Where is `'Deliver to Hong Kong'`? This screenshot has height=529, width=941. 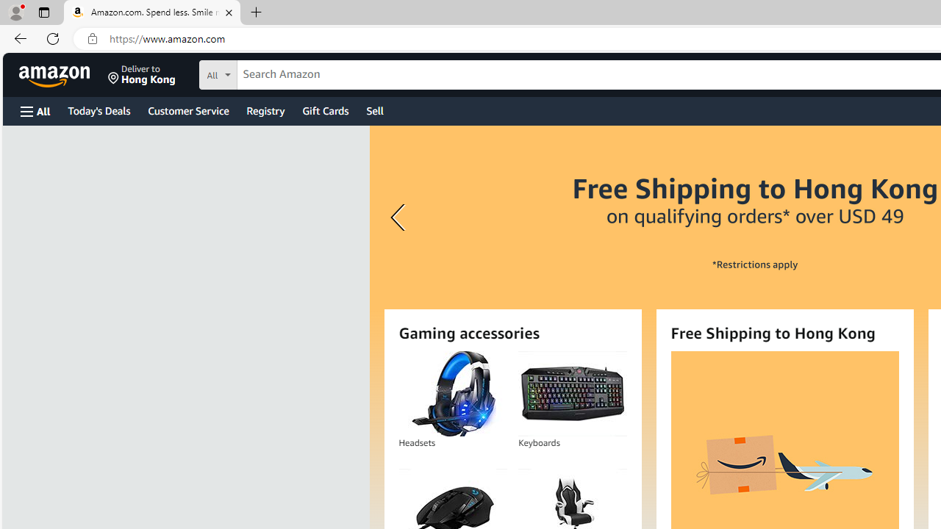
'Deliver to Hong Kong' is located at coordinates (142, 74).